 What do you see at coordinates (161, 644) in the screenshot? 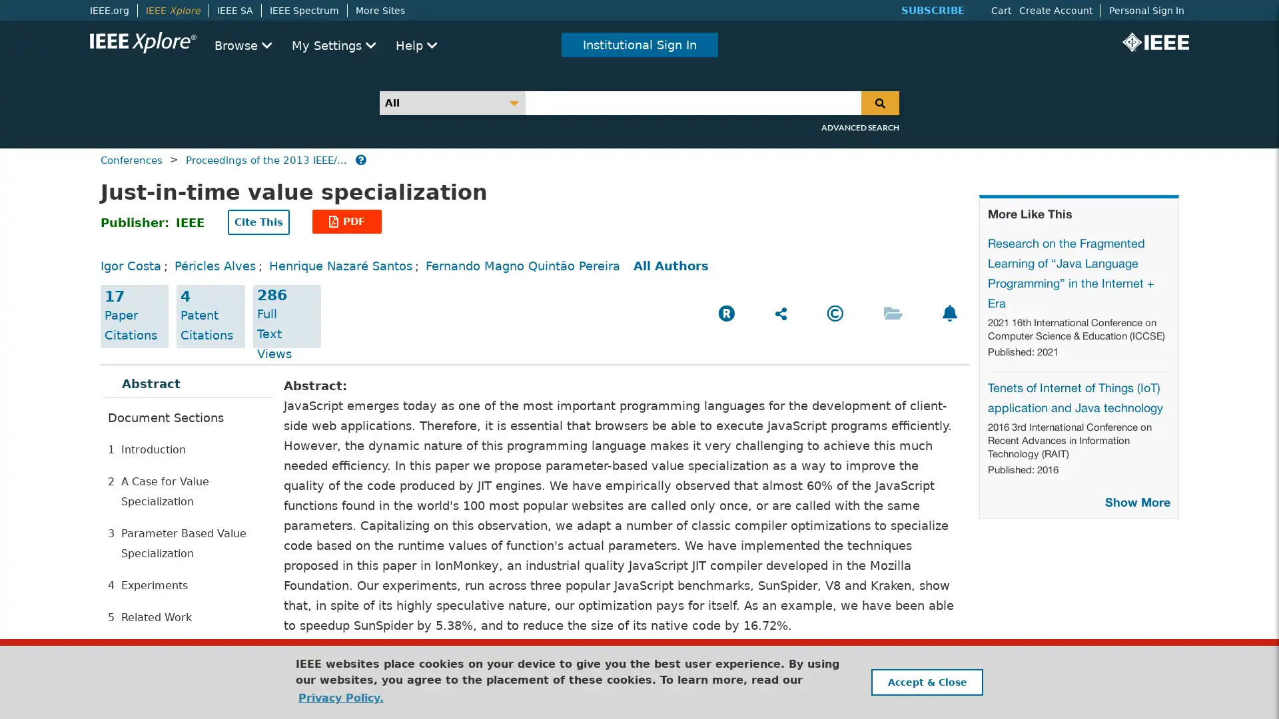
I see `Show Full Outline` at bounding box center [161, 644].